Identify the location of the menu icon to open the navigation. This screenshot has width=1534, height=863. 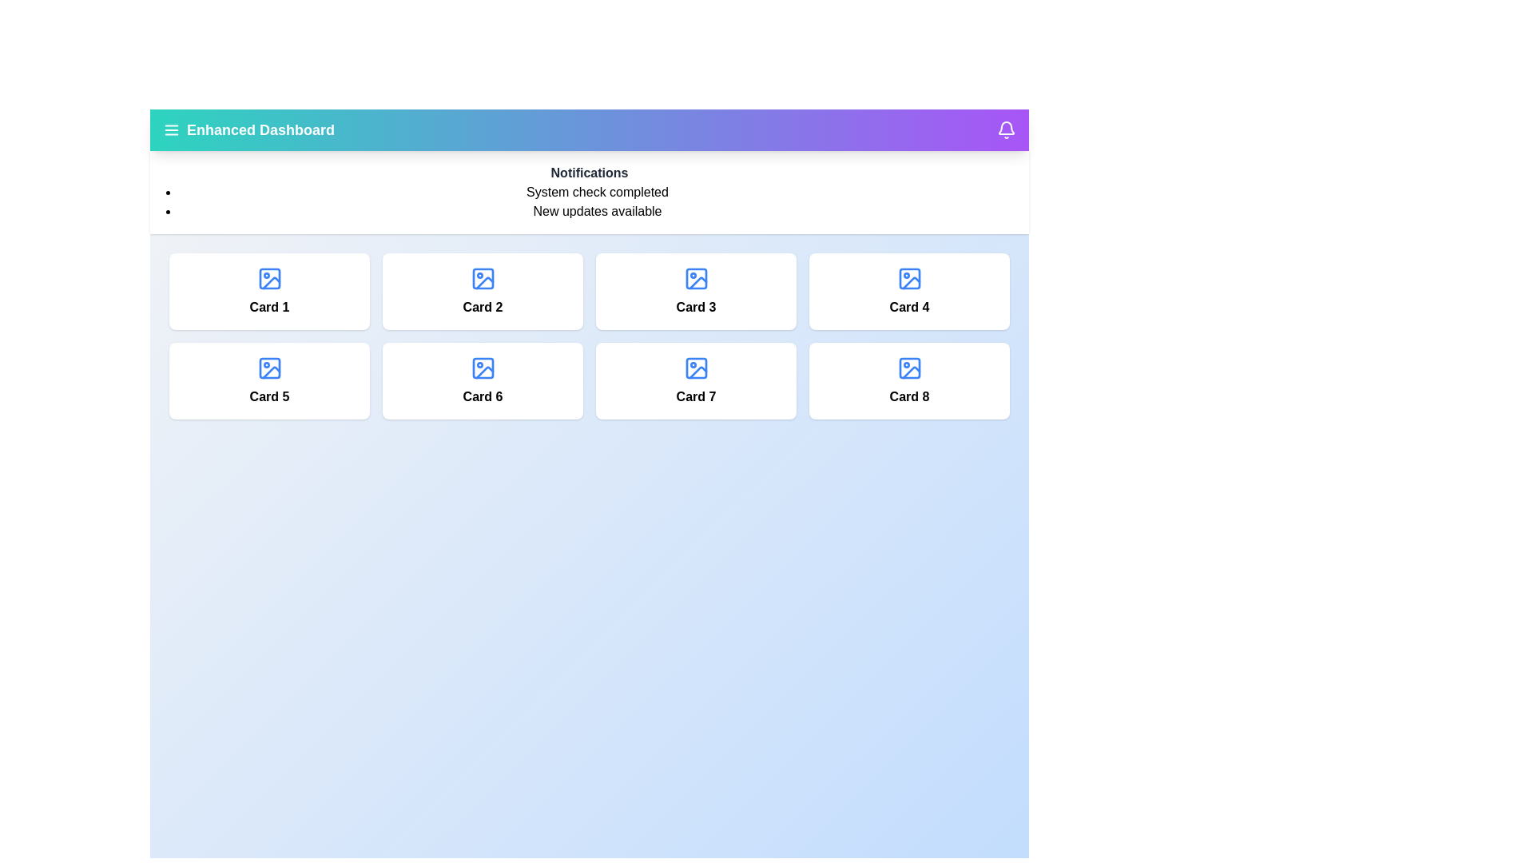
(172, 129).